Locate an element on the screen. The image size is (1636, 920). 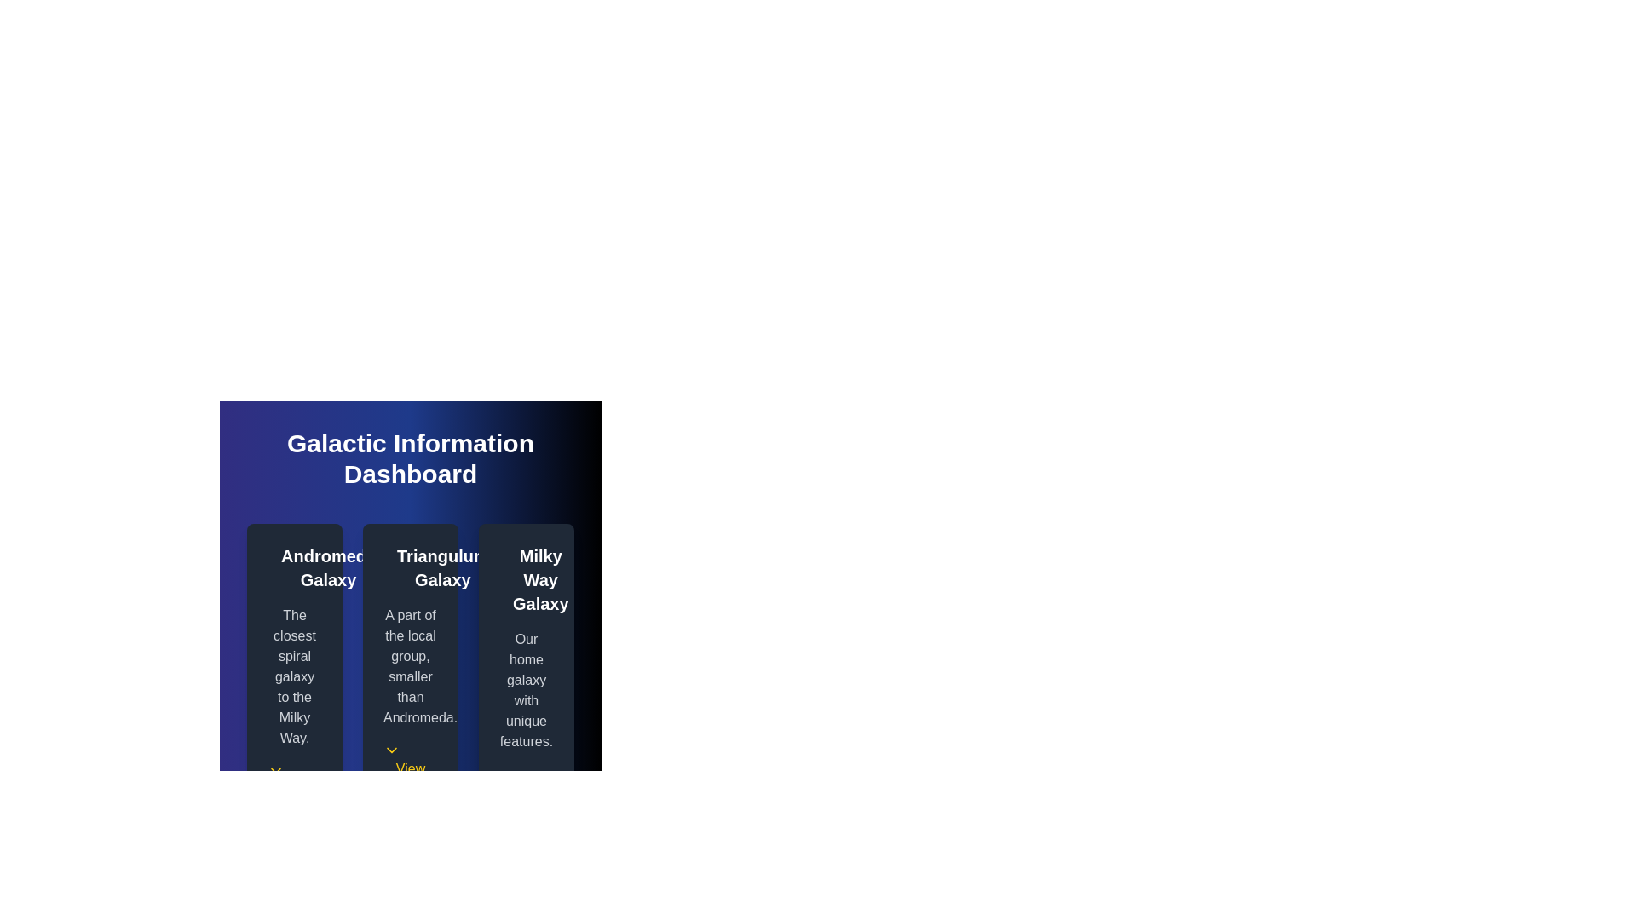
the Informational card for the Triangulum Galaxy, which is the middle card in the row of three cards under the 'Galactic Information Dashboard' header is located at coordinates (410, 682).